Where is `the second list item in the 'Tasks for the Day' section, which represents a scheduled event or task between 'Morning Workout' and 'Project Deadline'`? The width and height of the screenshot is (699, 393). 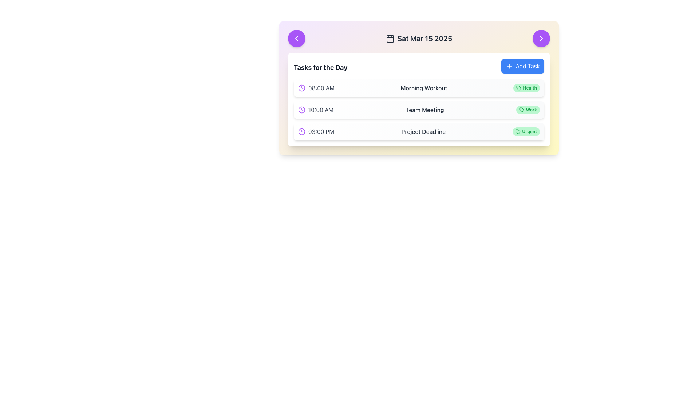
the second list item in the 'Tasks for the Day' section, which represents a scheduled event or task between 'Morning Workout' and 'Project Deadline' is located at coordinates (419, 110).